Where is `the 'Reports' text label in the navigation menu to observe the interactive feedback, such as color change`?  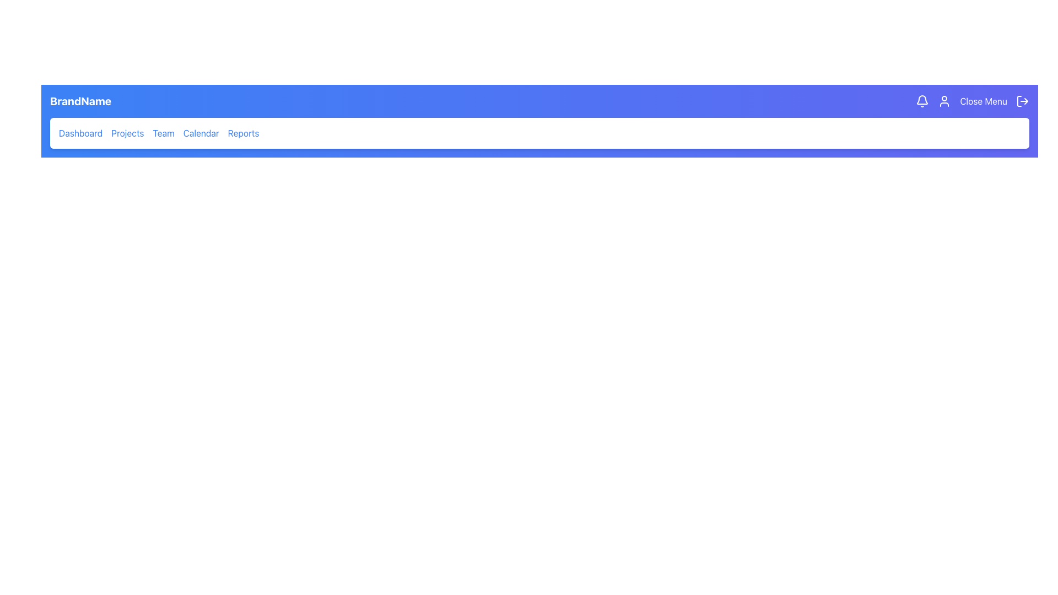 the 'Reports' text label in the navigation menu to observe the interactive feedback, such as color change is located at coordinates (242, 133).